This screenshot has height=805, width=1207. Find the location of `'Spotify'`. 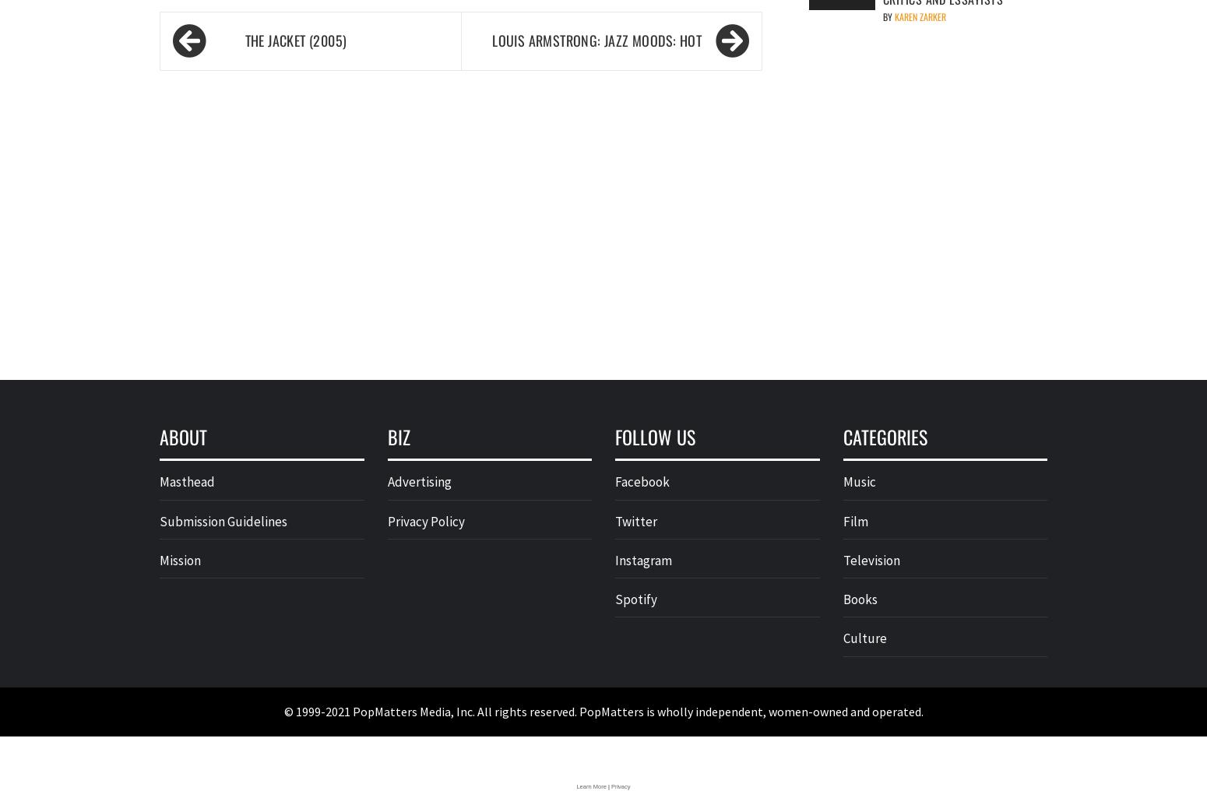

'Spotify' is located at coordinates (614, 599).